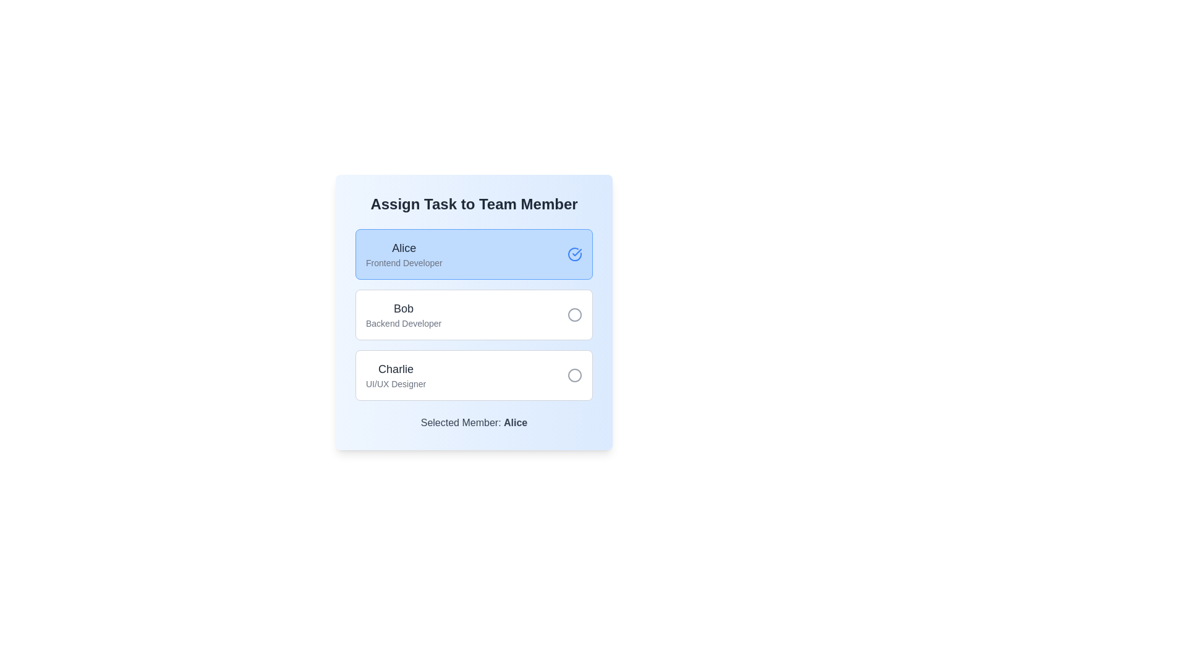 This screenshot has width=1187, height=667. What do you see at coordinates (396, 375) in the screenshot?
I see `information displayed in the multi-line text label for 'Charlie', the UI/UX Designer, which is the third selectable option in the list` at bounding box center [396, 375].